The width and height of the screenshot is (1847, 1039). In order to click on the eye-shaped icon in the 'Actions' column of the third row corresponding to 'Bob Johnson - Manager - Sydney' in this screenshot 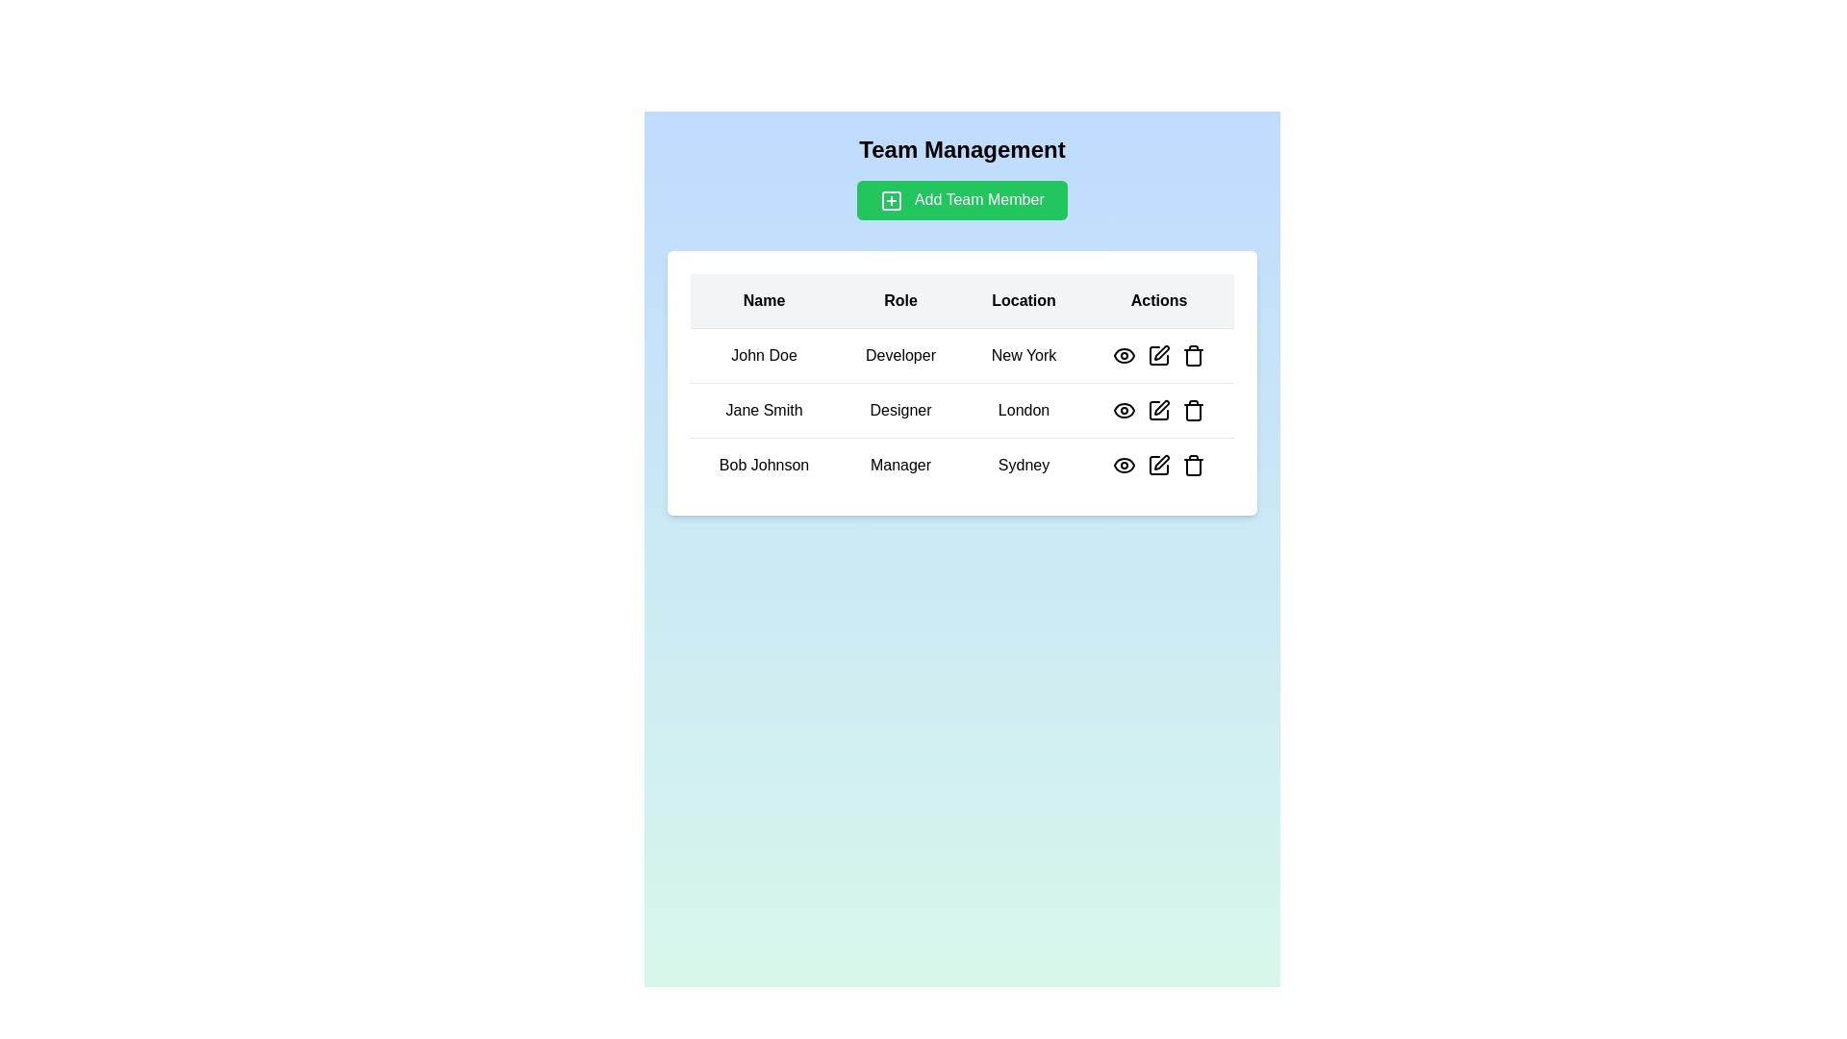, I will do `click(1125, 465)`.